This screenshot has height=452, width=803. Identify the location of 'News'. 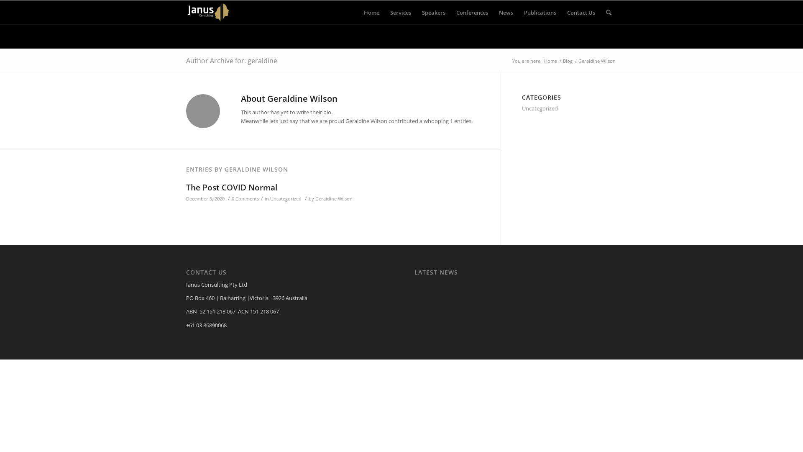
(505, 13).